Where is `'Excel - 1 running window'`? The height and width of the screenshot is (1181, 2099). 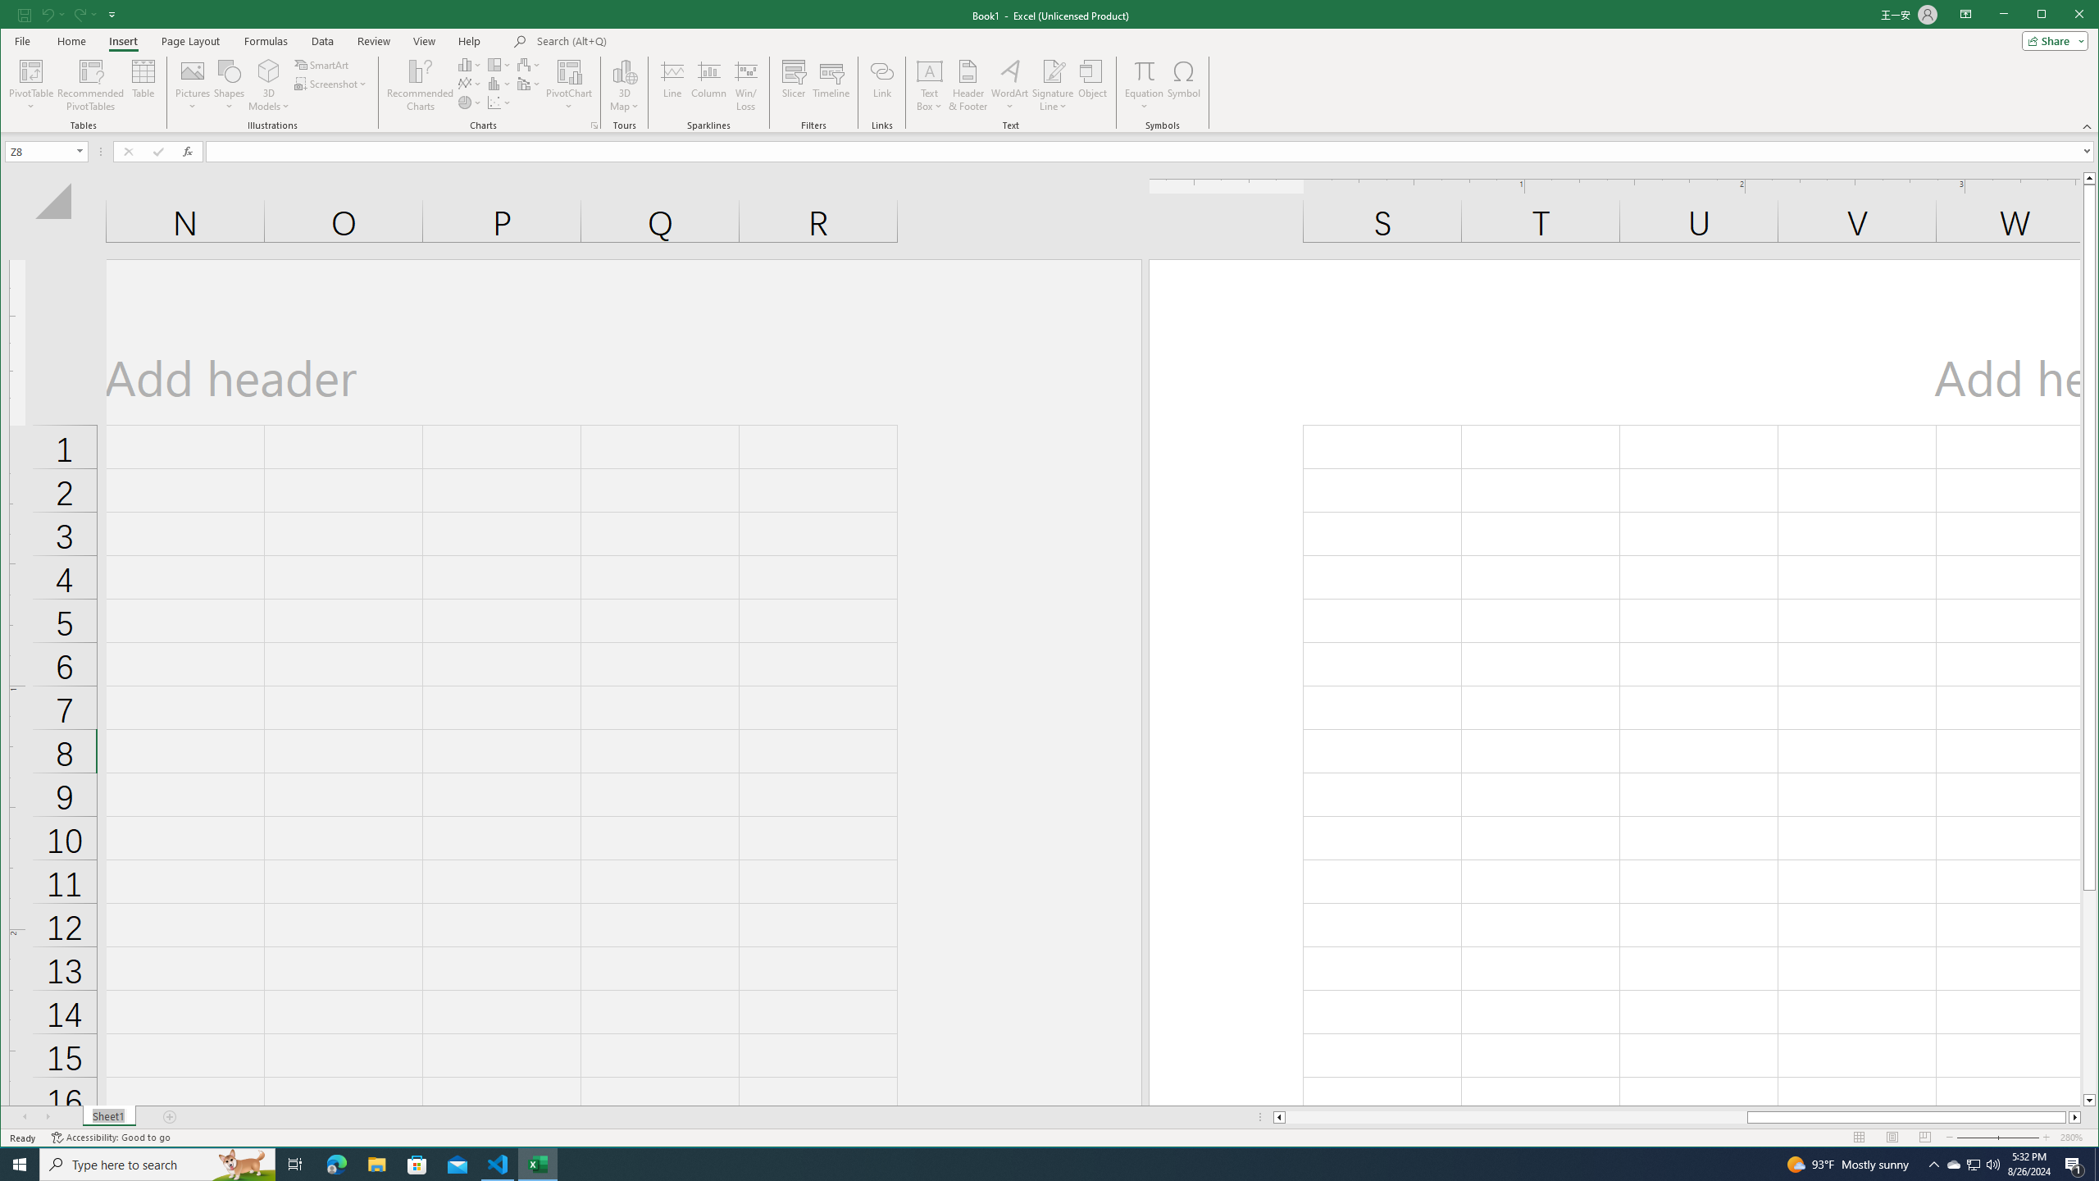 'Excel - 1 running window' is located at coordinates (538, 1163).